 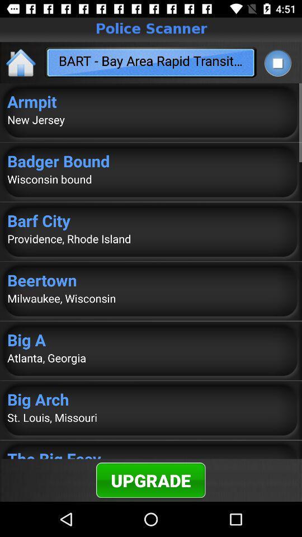 What do you see at coordinates (277, 63) in the screenshot?
I see `icon to the right of the bart bay area item` at bounding box center [277, 63].